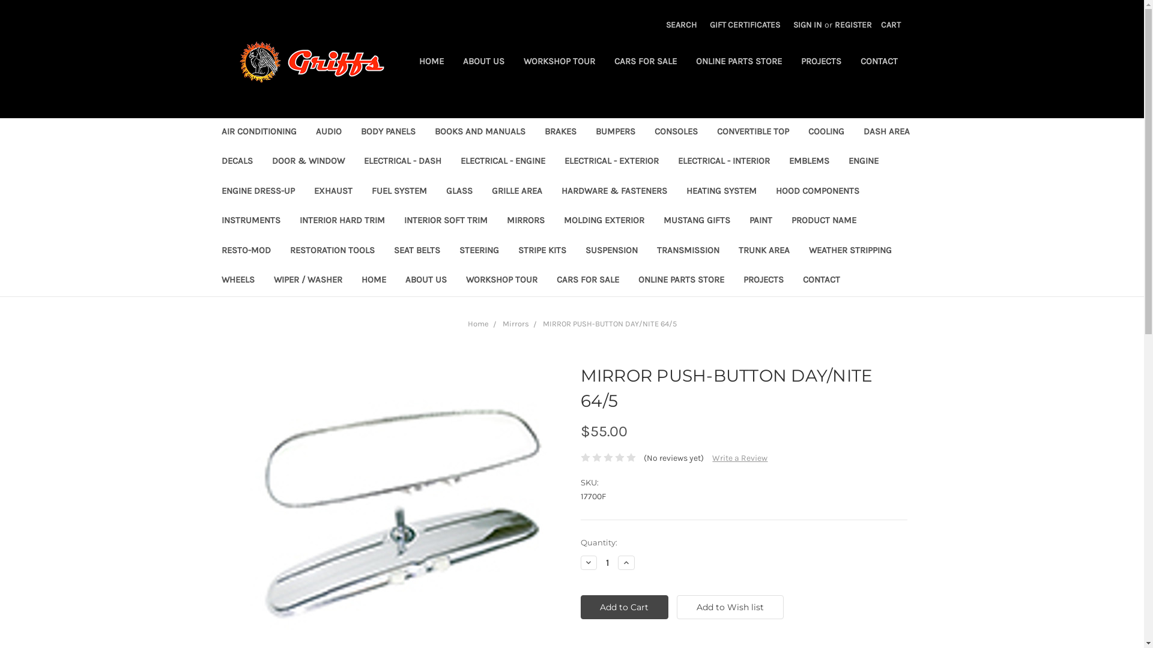  What do you see at coordinates (677, 607) in the screenshot?
I see `'Add to Wish list'` at bounding box center [677, 607].